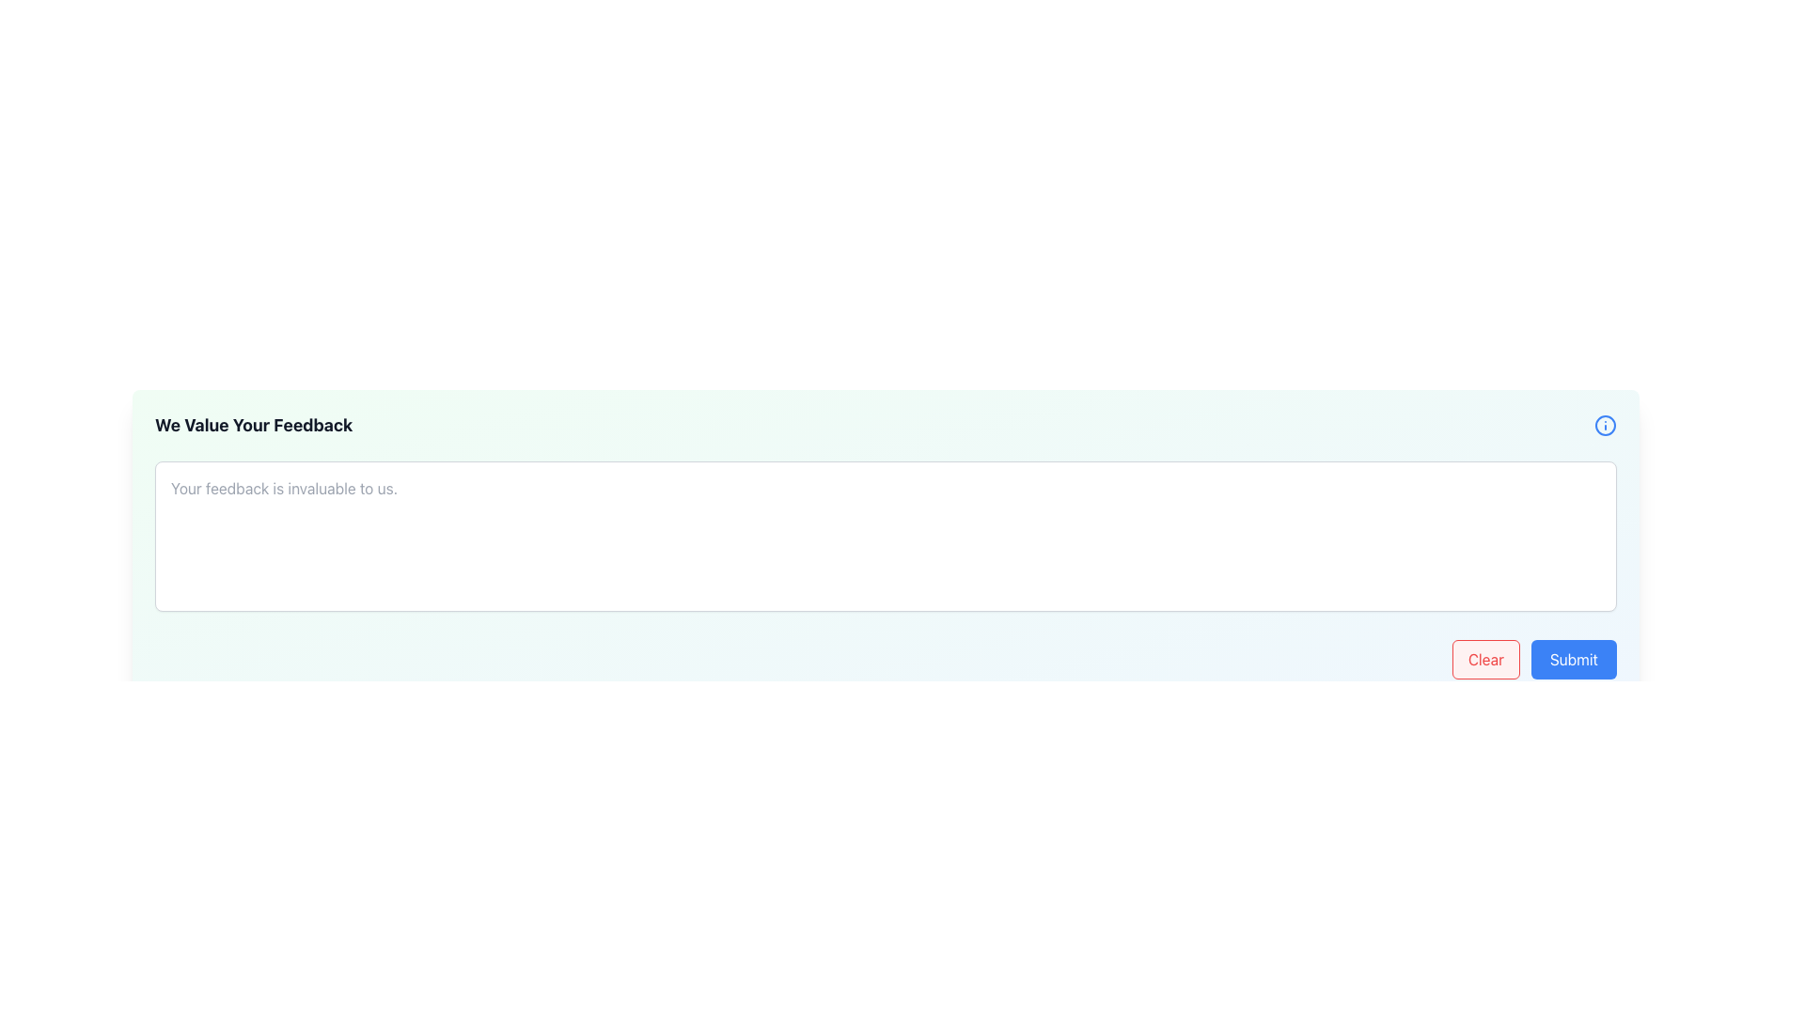  I want to click on the 'Submit' button, which is a rectangular button with rounded corners and a blue background located at the bottom right of the interface, so click(1574, 659).